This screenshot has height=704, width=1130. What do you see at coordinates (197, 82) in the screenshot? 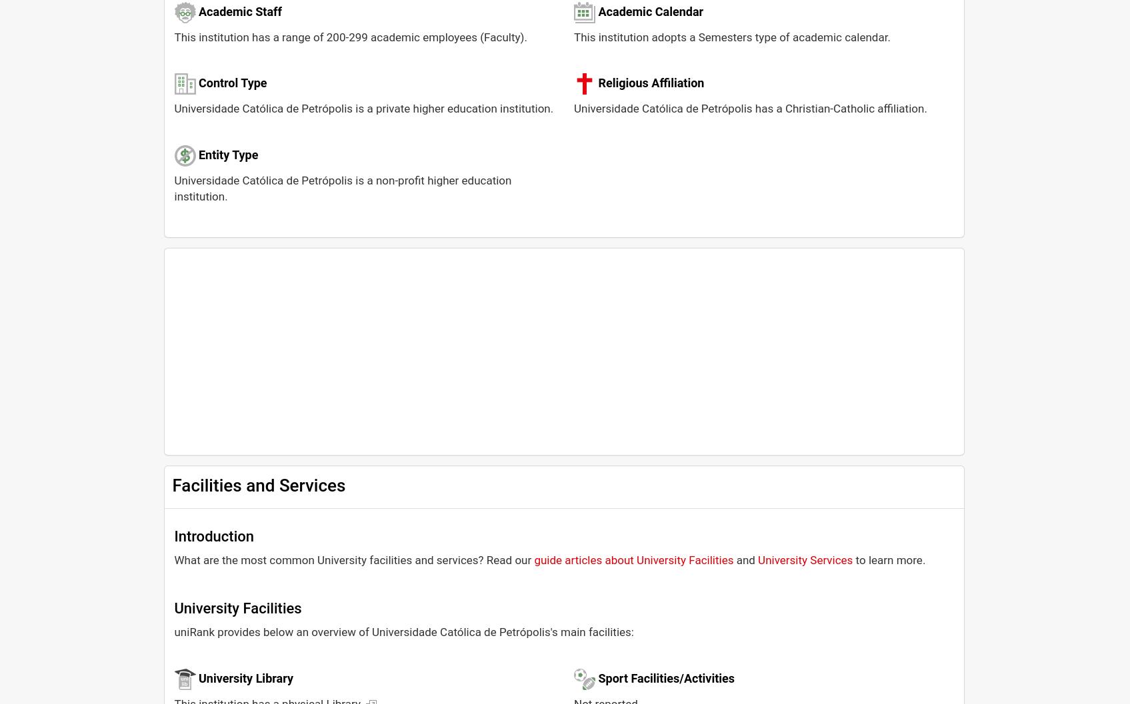
I see `'Control Type'` at bounding box center [197, 82].